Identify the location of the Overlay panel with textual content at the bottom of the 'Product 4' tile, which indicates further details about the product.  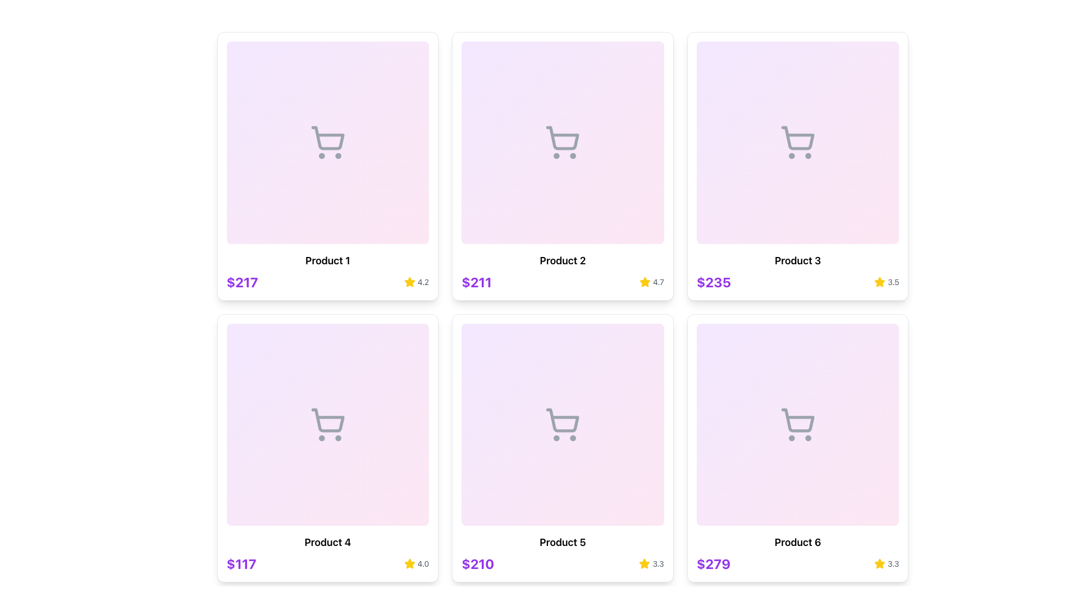
(327, 536).